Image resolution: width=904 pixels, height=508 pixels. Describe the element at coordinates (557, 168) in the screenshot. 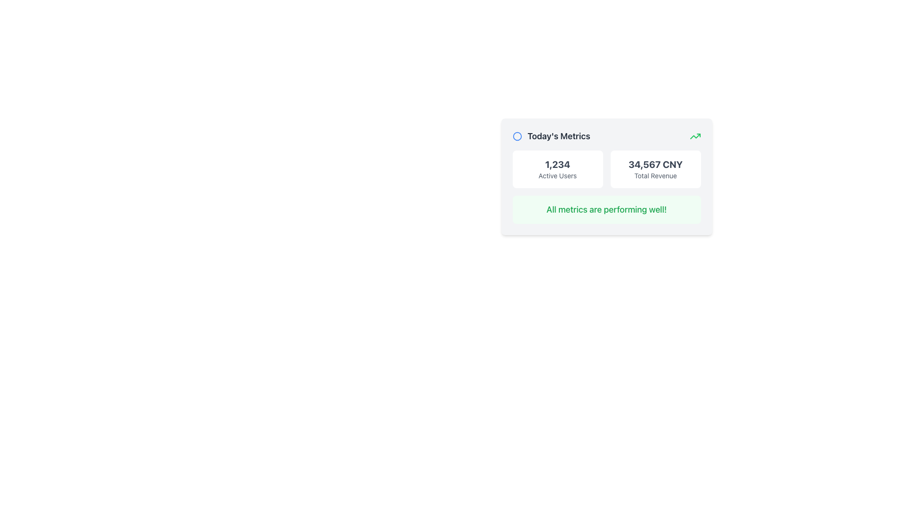

I see `the Metric display card that shows '1,234 Active Users', which has a white background and rounded corners, positioned in a grid layout above the message 'All metrics are performing well!'` at that location.